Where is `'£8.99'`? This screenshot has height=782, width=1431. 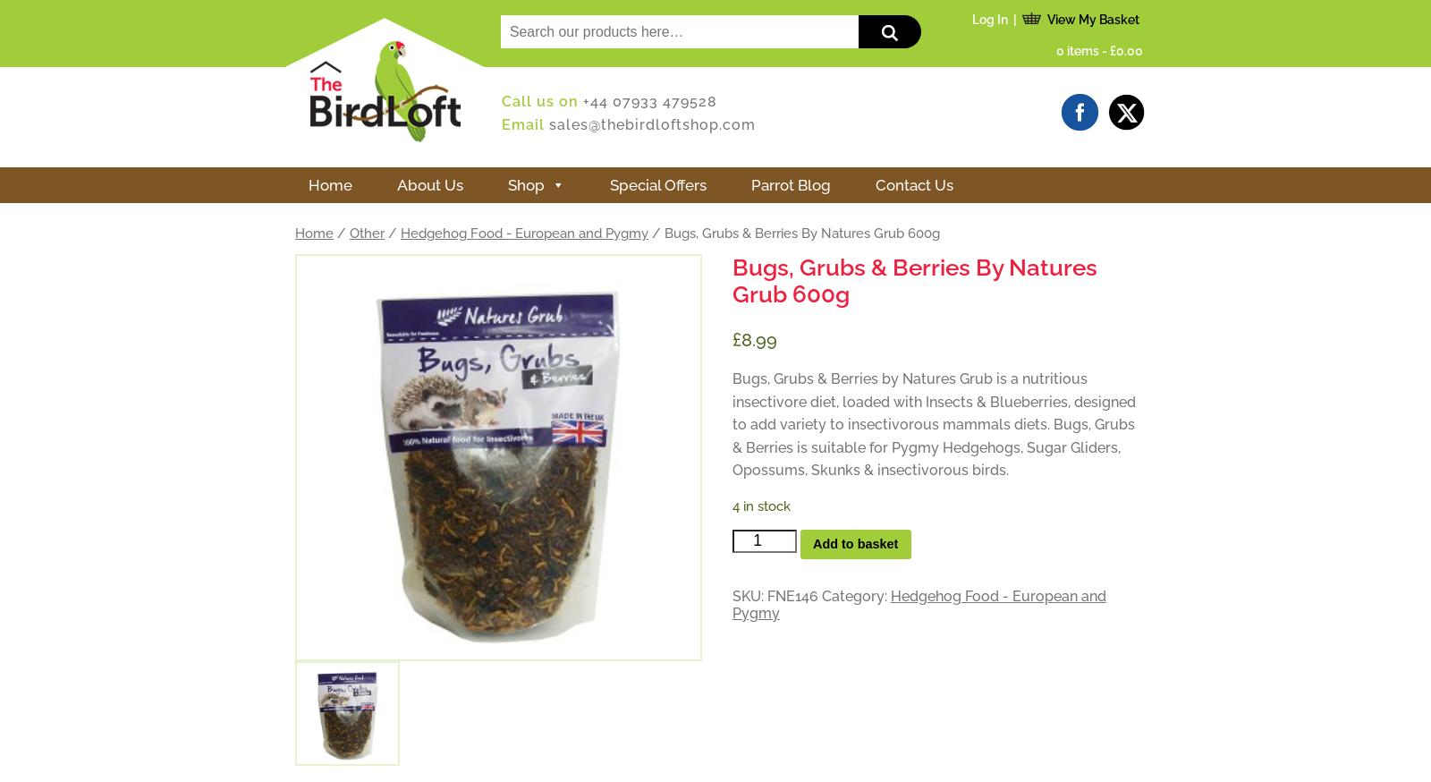
'£8.99' is located at coordinates (753, 338).